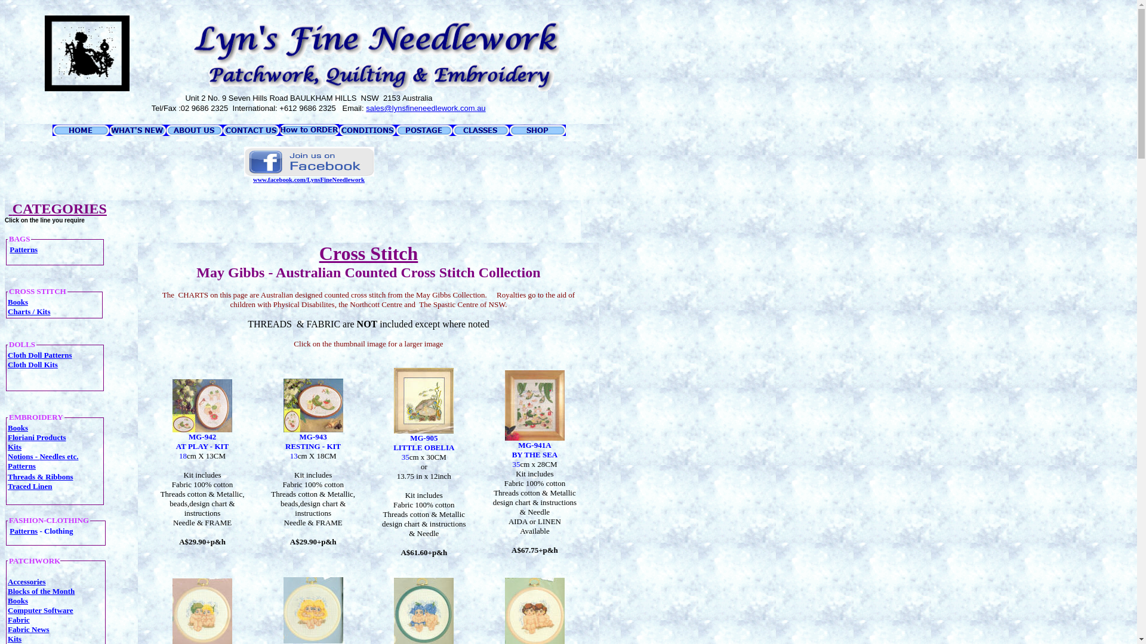 Image resolution: width=1146 pixels, height=644 pixels. What do you see at coordinates (426, 108) in the screenshot?
I see `'sales@lynsfineneedlework.com.au'` at bounding box center [426, 108].